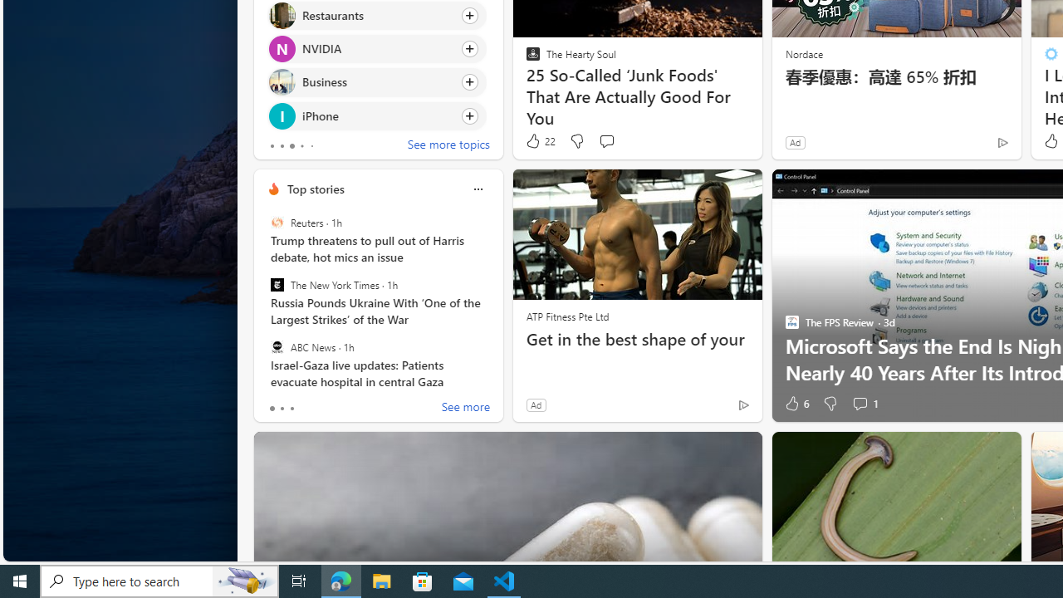  I want to click on 'Reuters', so click(277, 222).